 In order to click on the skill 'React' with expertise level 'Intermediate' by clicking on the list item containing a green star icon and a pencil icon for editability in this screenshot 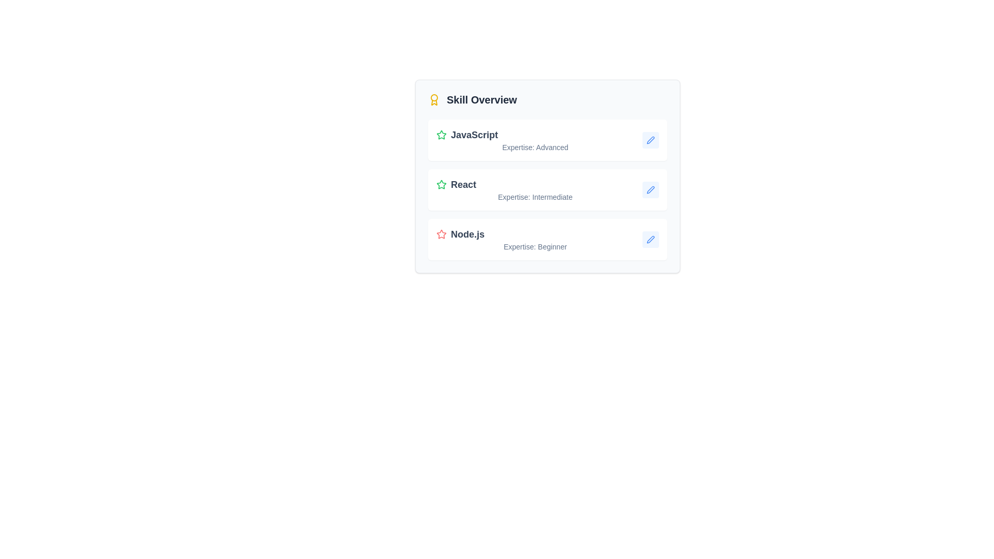, I will do `click(547, 189)`.